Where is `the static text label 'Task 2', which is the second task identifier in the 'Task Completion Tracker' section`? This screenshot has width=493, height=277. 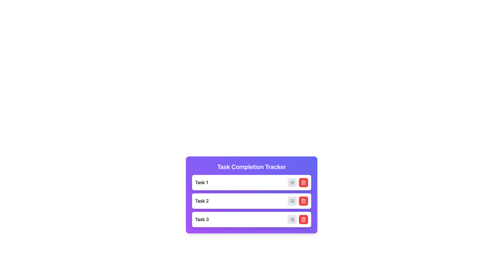
the static text label 'Task 2', which is the second task identifier in the 'Task Completion Tracker' section is located at coordinates (202, 201).